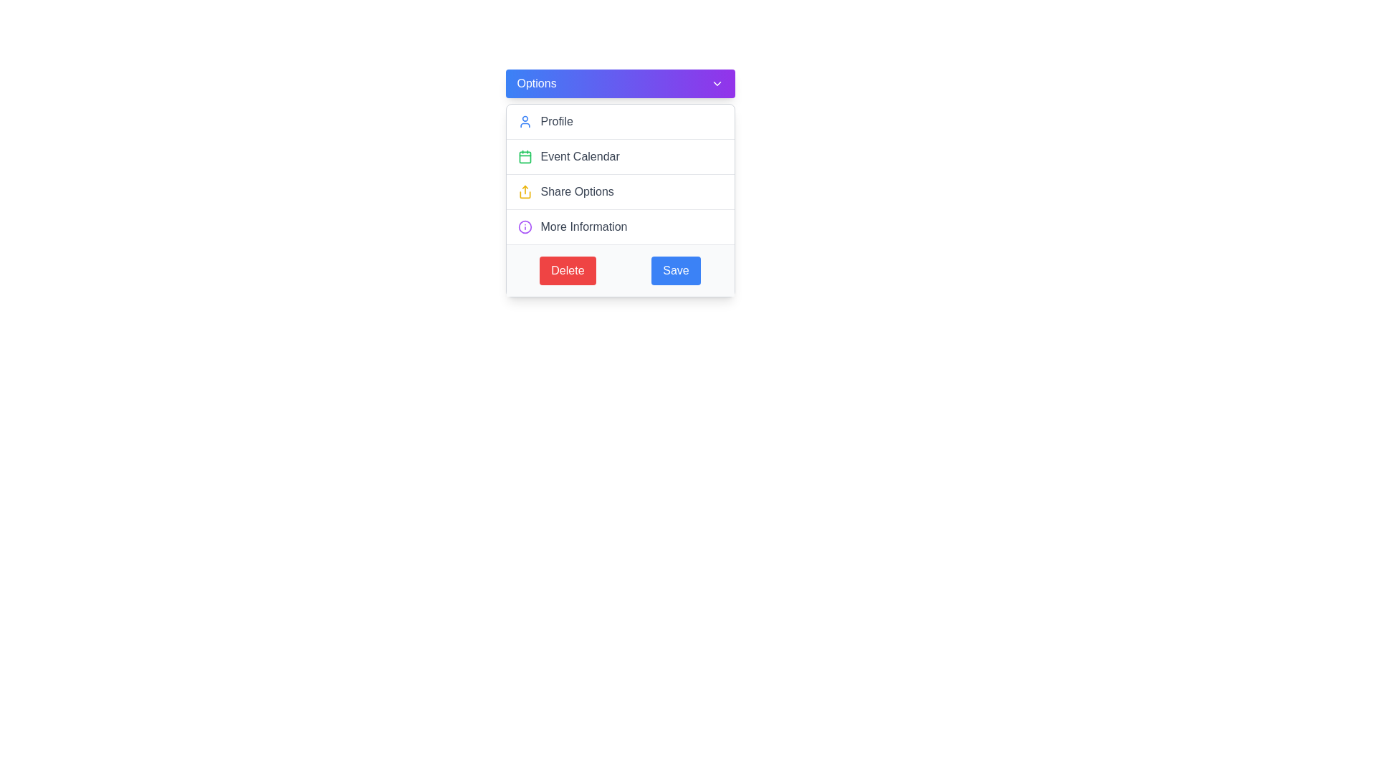 Image resolution: width=1376 pixels, height=774 pixels. I want to click on the purple circle icon within the drop-down menu that represents an information icon, so click(524, 226).